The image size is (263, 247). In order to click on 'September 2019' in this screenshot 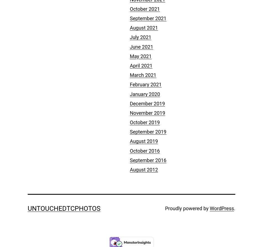, I will do `click(130, 131)`.